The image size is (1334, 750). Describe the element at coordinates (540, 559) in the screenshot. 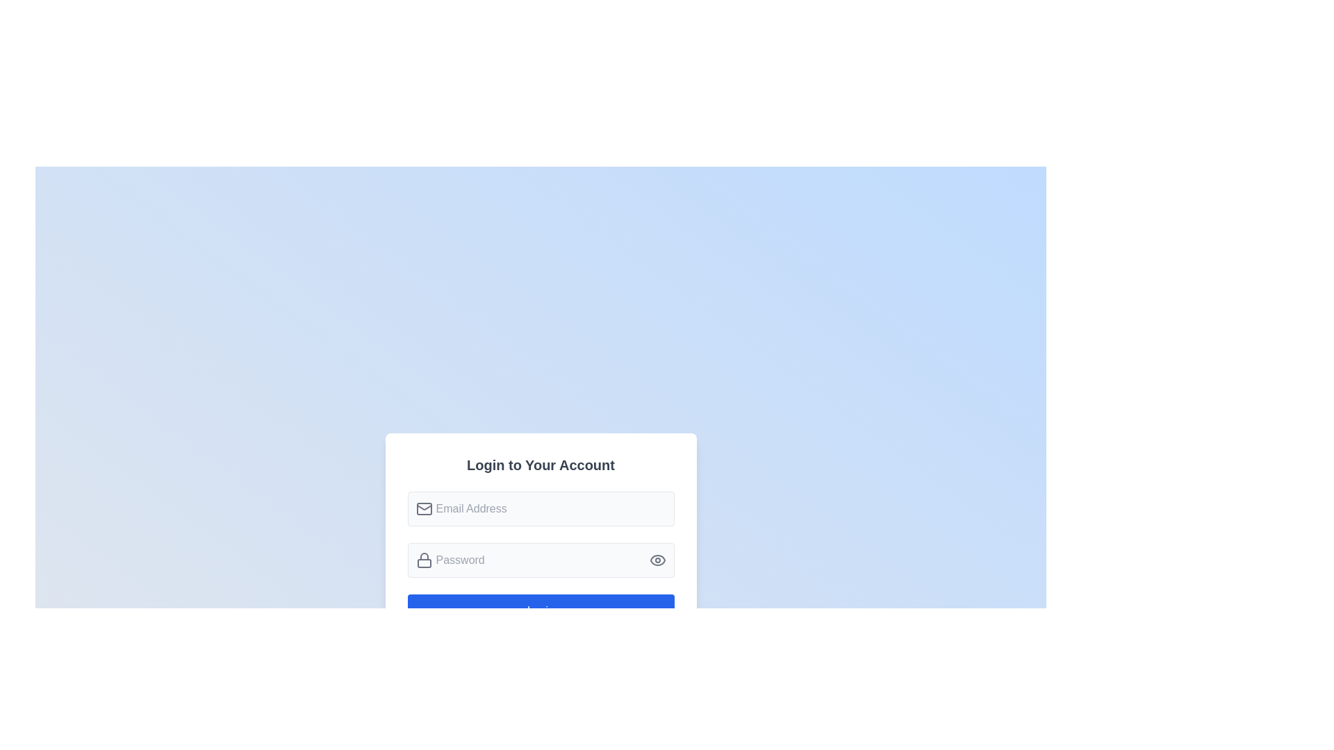

I see `the Password input field located below the 'Email Address' field and above the blue 'Login' button to potentially display tooltips` at that location.